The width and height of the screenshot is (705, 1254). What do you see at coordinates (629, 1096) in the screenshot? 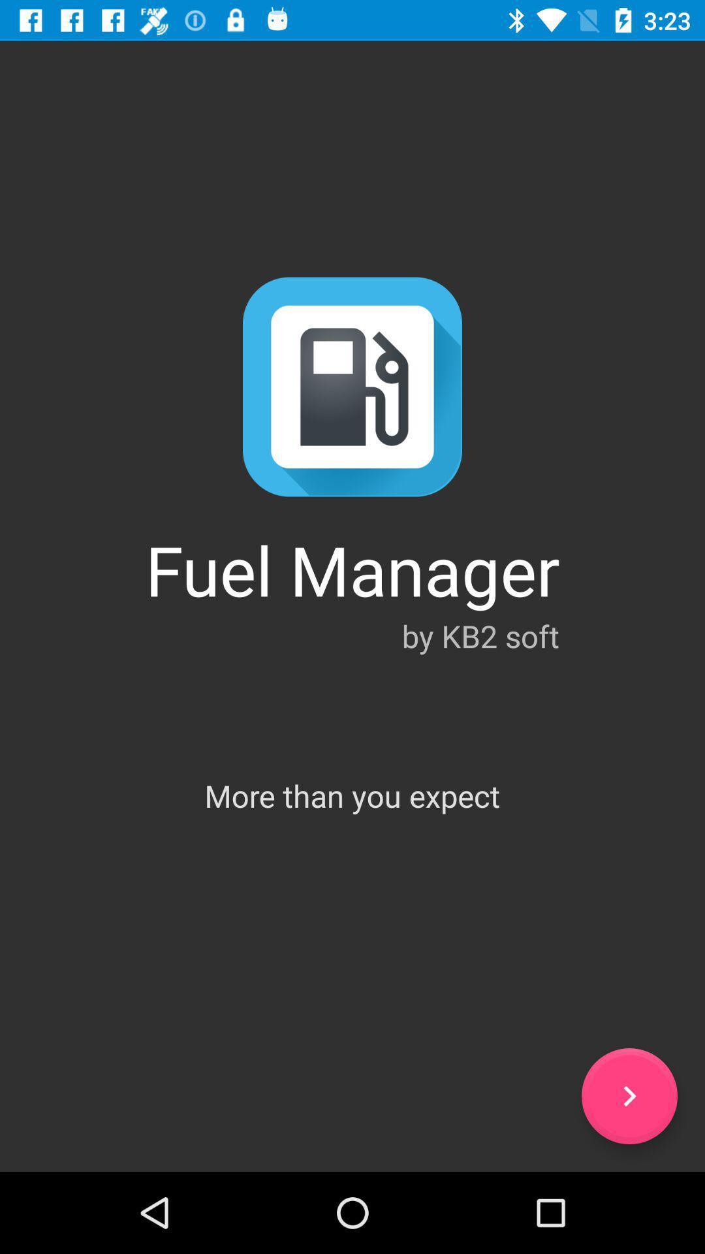
I see `next page` at bounding box center [629, 1096].